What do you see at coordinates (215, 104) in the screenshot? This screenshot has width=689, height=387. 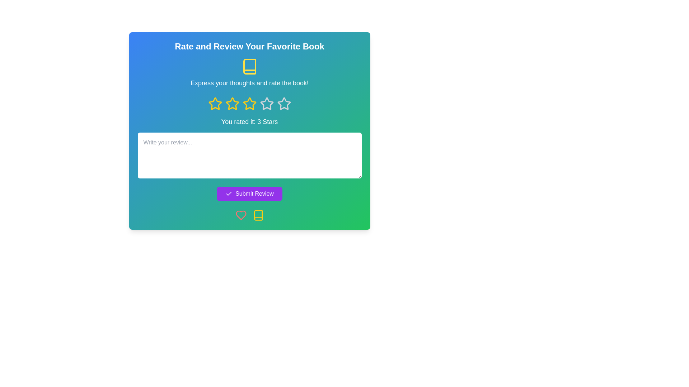 I see `the first yellow star-shaped rating icon, which is designed to represent a rating option in the middle section of the interface, positioned below the text 'Express your thoughts and rate the book!' and above 'You rated it: 3 Stars'` at bounding box center [215, 104].